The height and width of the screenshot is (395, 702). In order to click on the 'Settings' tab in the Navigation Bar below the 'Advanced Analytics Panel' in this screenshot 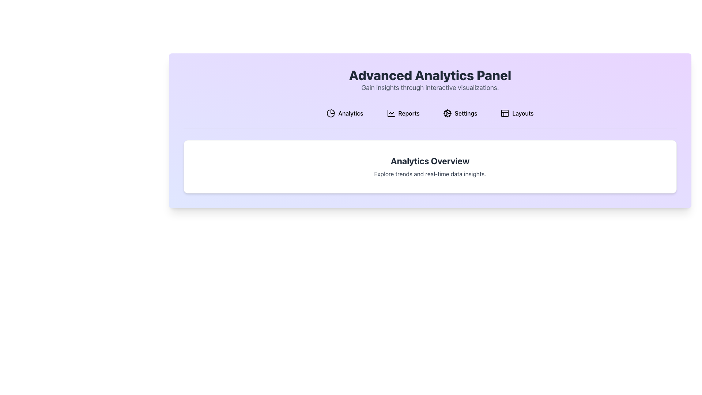, I will do `click(430, 116)`.